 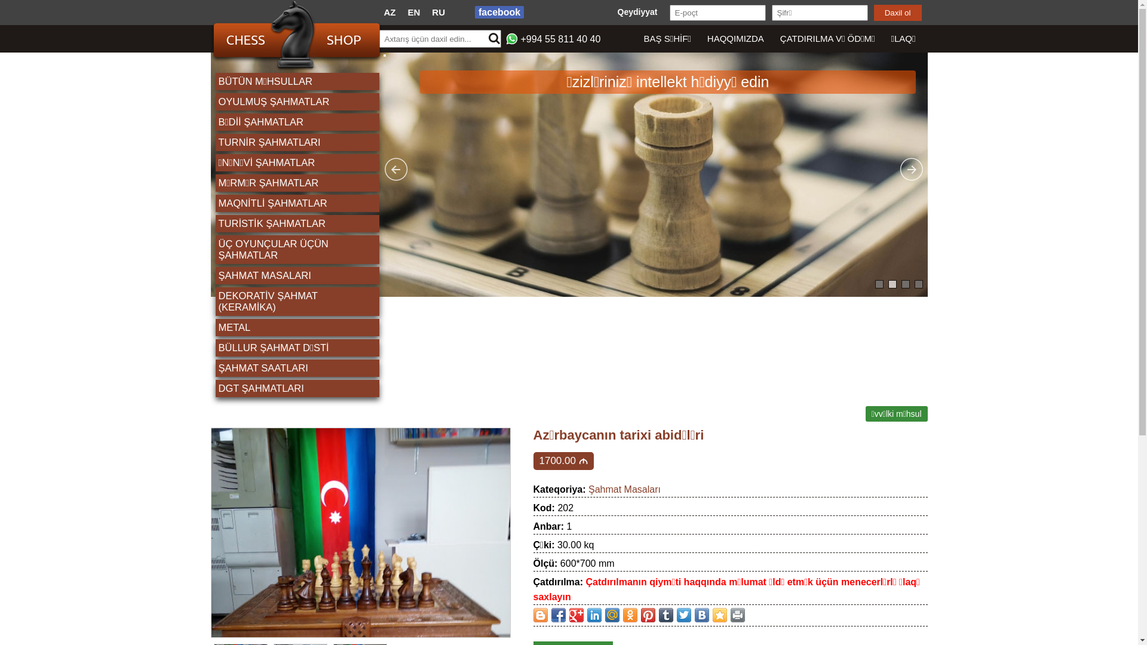 What do you see at coordinates (647, 615) in the screenshot?
I see `'Pin It'` at bounding box center [647, 615].